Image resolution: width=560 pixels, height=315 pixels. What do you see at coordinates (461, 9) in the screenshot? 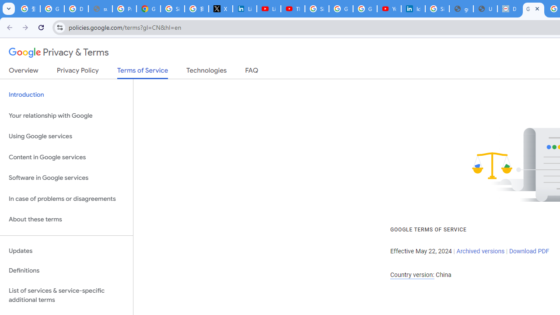
I see `'google_privacy_policy_en.pdf'` at bounding box center [461, 9].